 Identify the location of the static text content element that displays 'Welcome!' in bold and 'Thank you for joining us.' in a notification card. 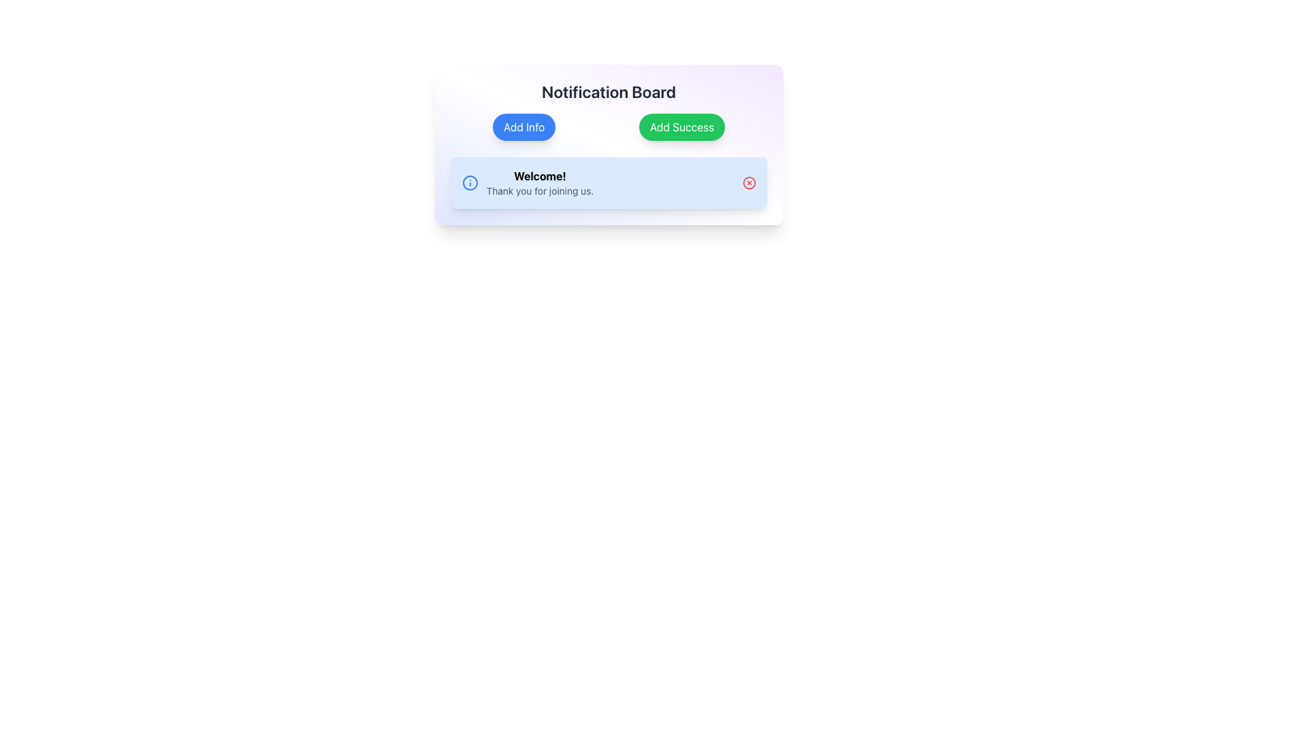
(539, 182).